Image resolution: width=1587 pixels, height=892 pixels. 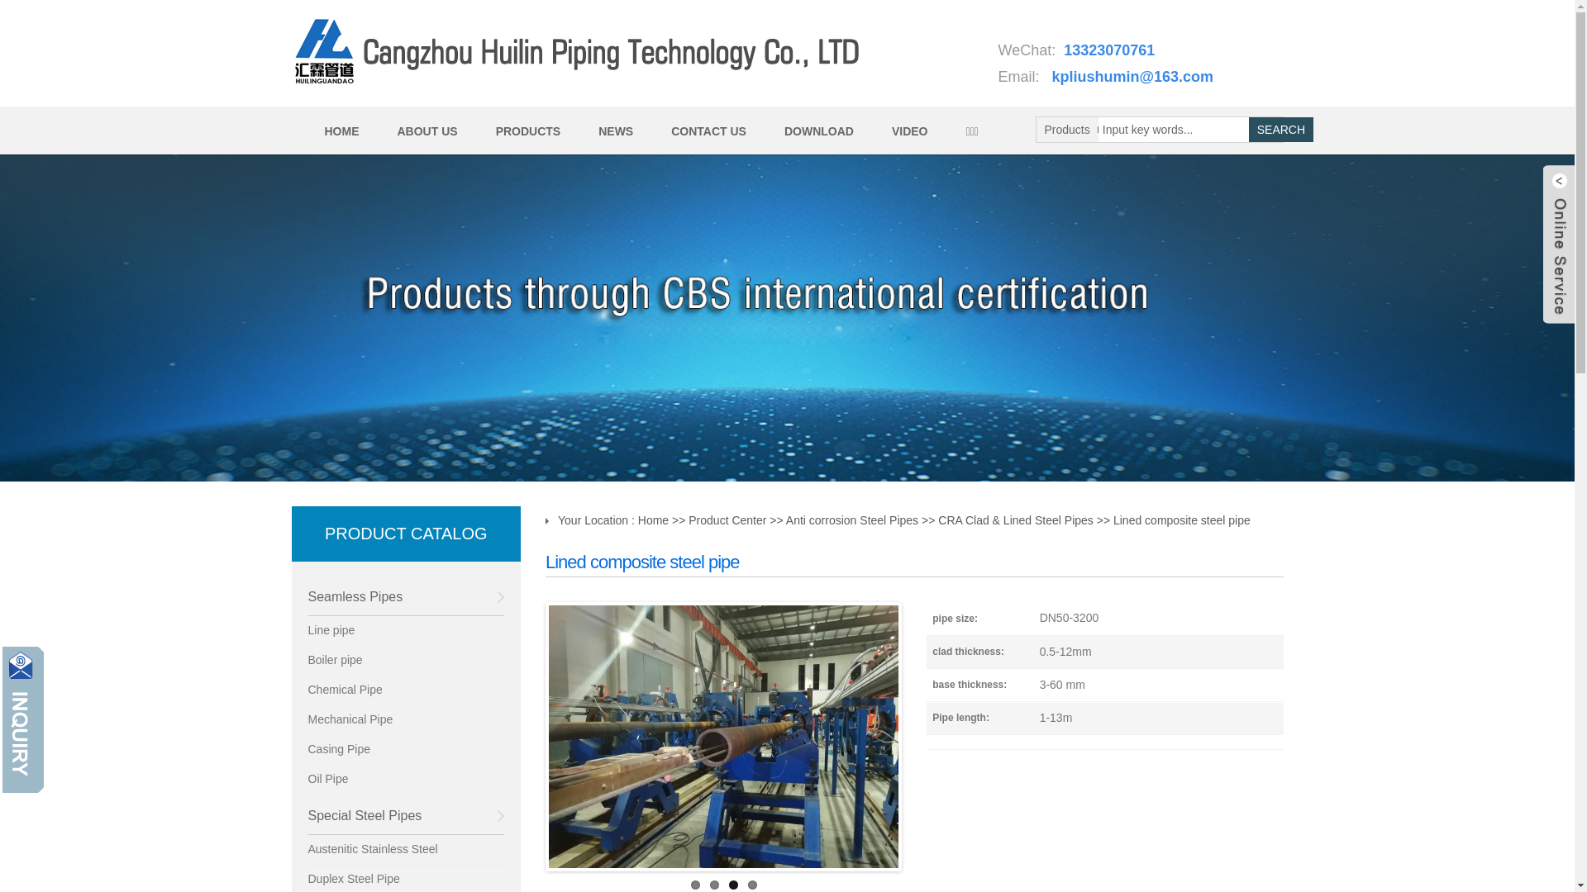 I want to click on '3', so click(x=732, y=884).